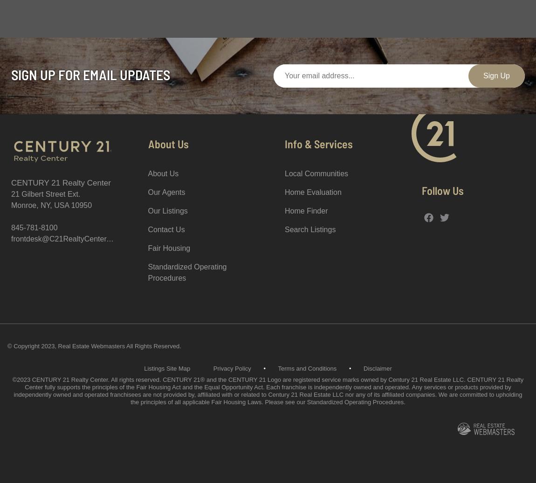 This screenshot has height=483, width=536. Describe the element at coordinates (306, 368) in the screenshot. I see `'Terms and Conditions'` at that location.